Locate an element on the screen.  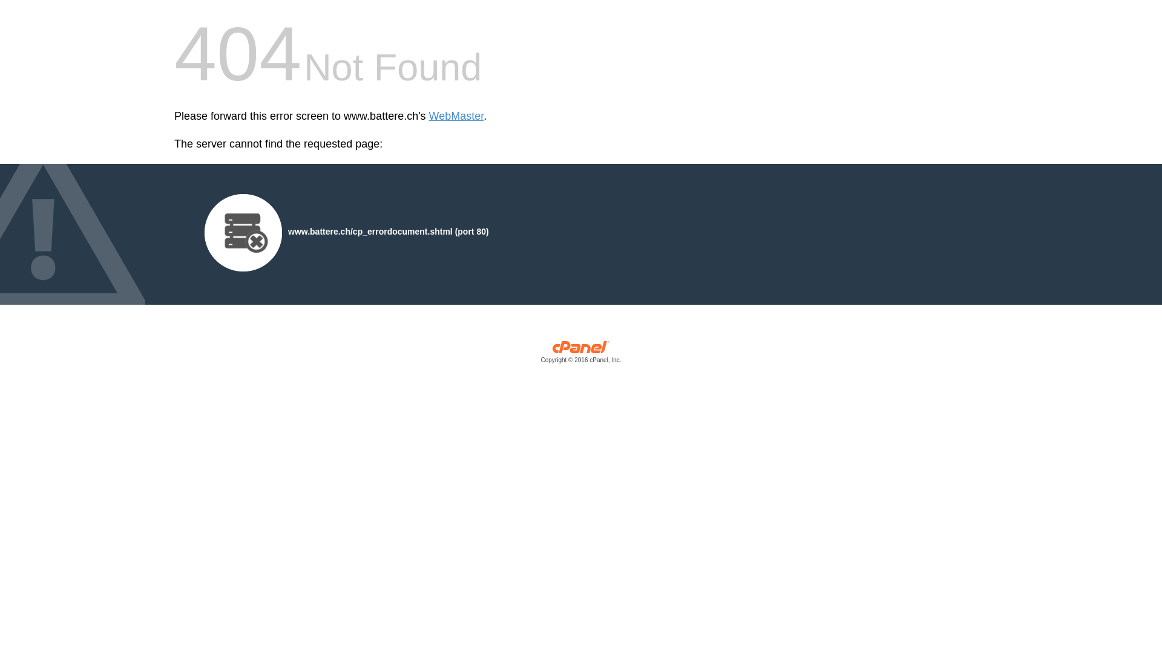
'WebMaster' is located at coordinates (456, 116).